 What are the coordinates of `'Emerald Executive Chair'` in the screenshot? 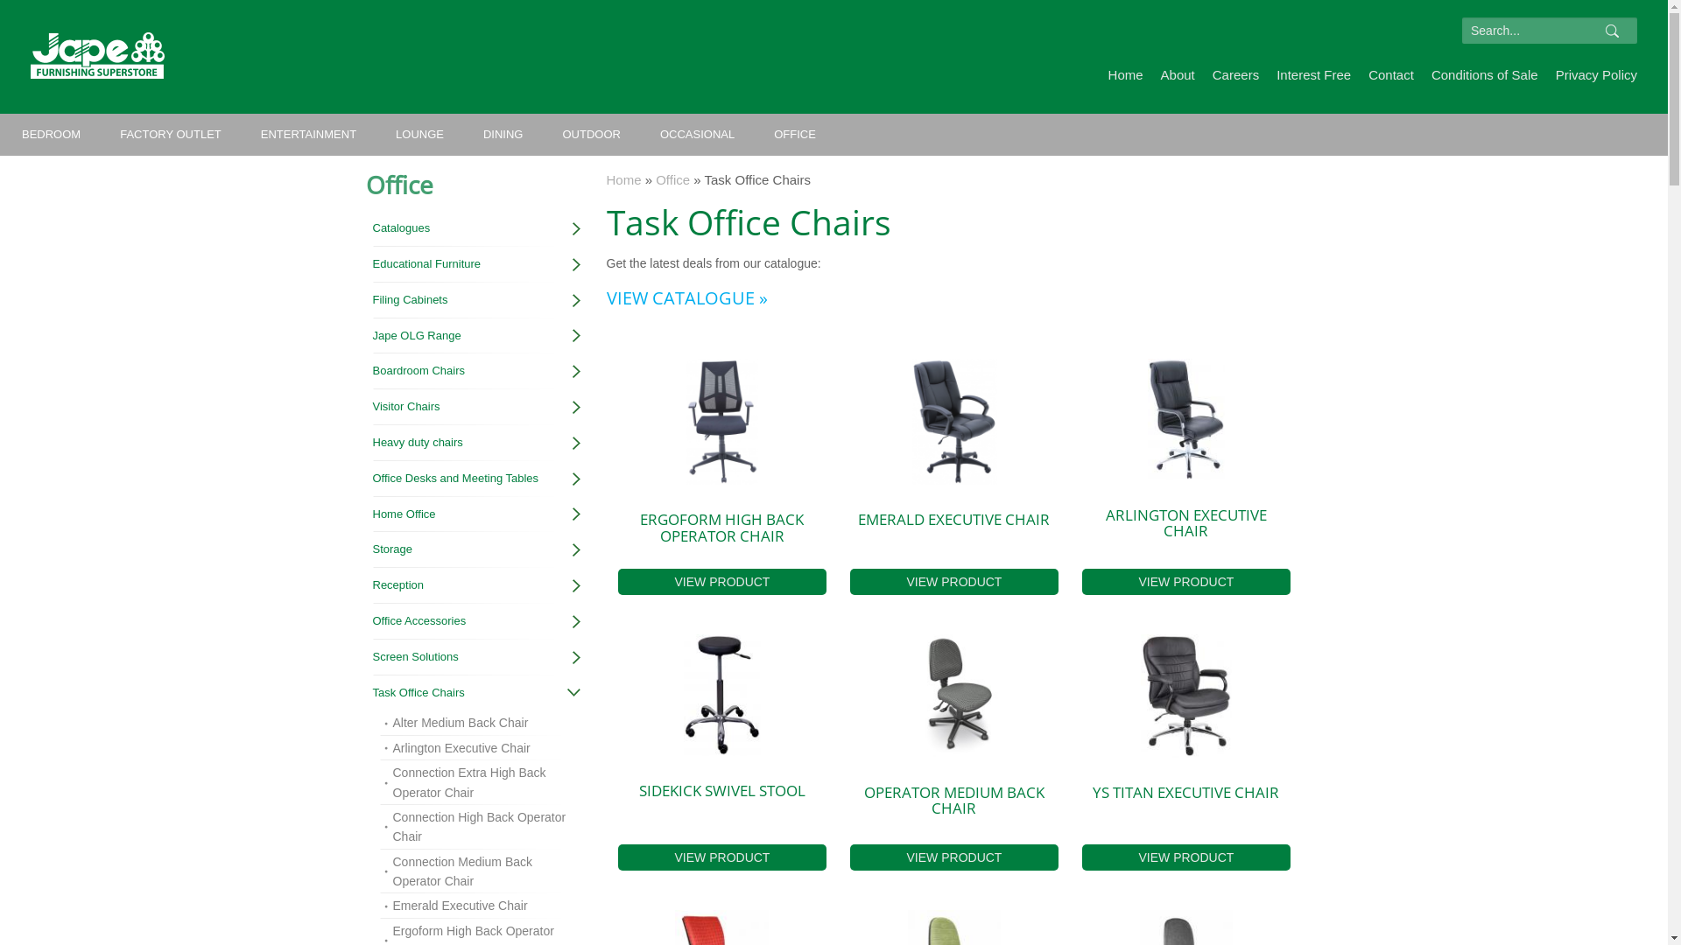 It's located at (482, 905).